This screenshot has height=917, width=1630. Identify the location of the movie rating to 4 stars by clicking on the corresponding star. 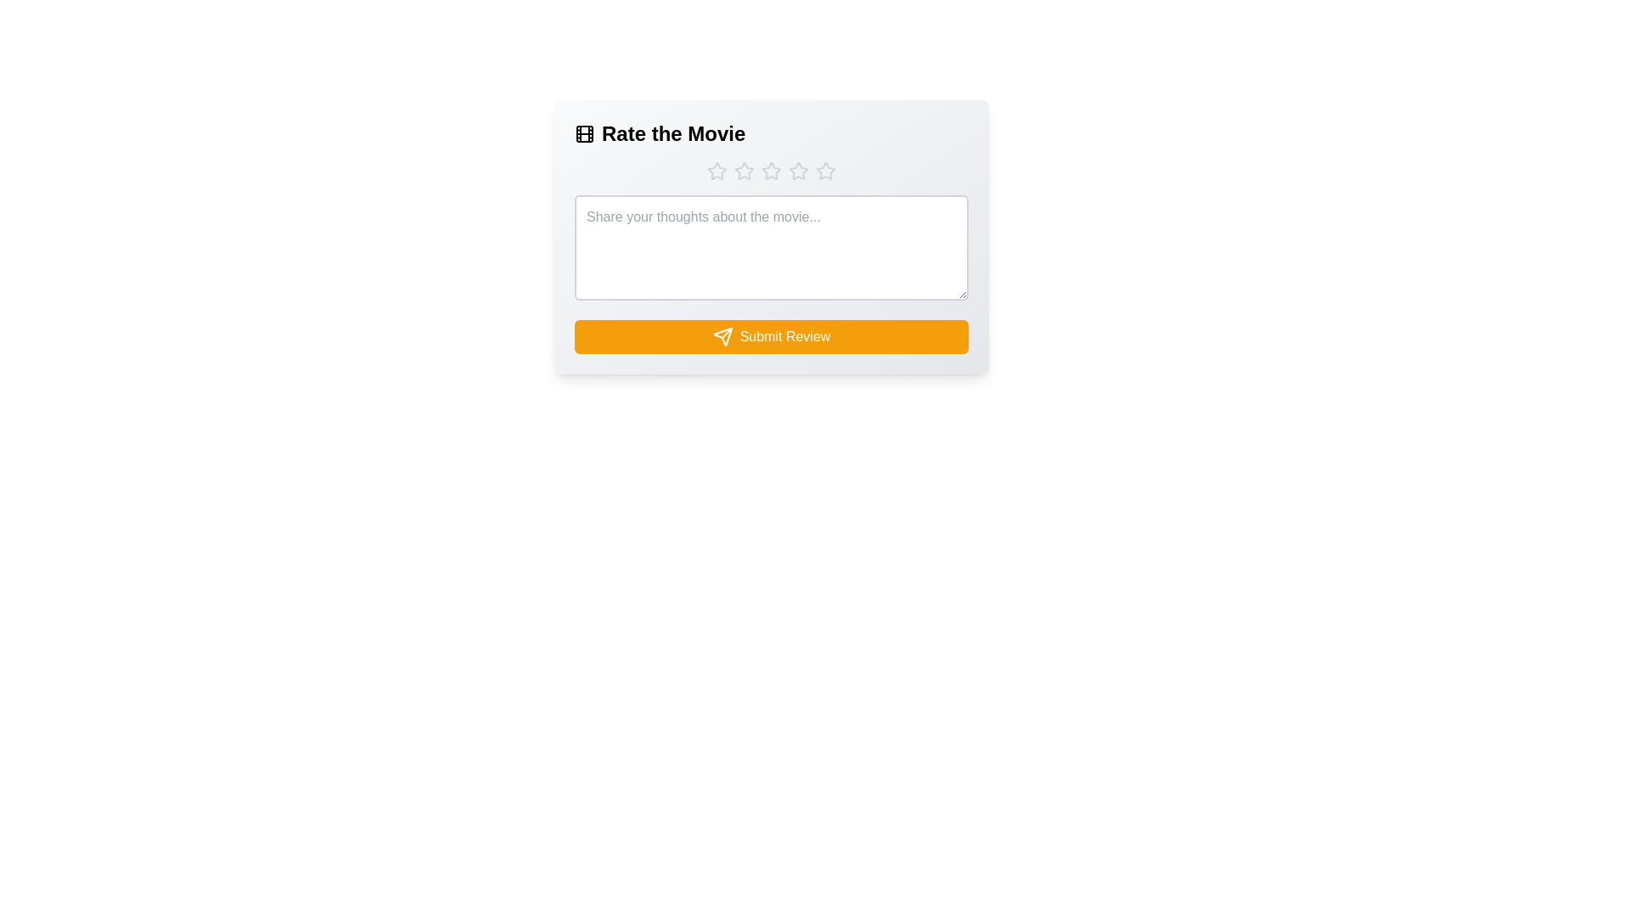
(797, 171).